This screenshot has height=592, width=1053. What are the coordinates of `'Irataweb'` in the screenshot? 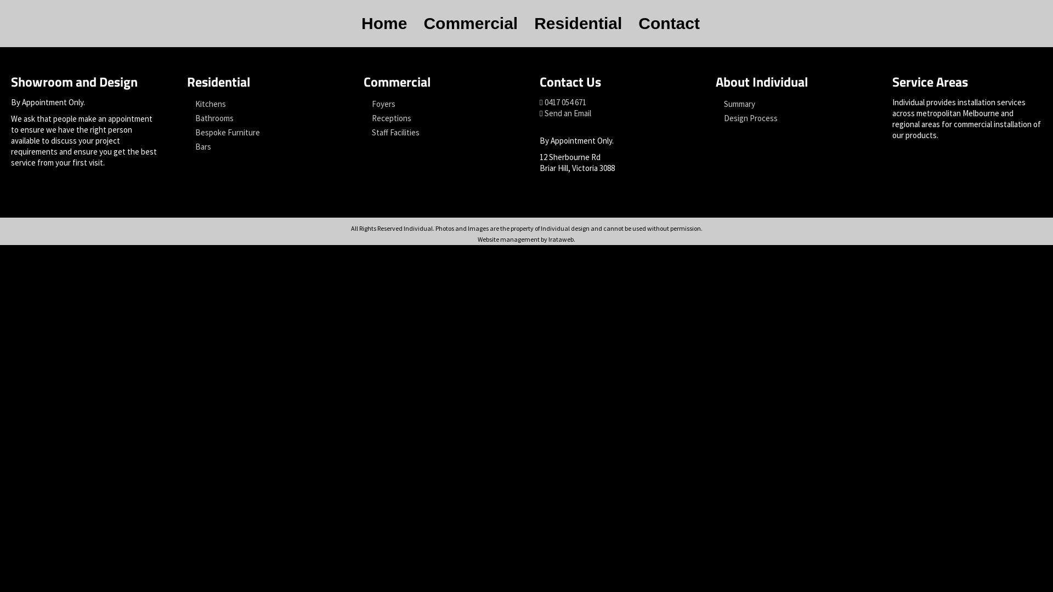 It's located at (561, 238).